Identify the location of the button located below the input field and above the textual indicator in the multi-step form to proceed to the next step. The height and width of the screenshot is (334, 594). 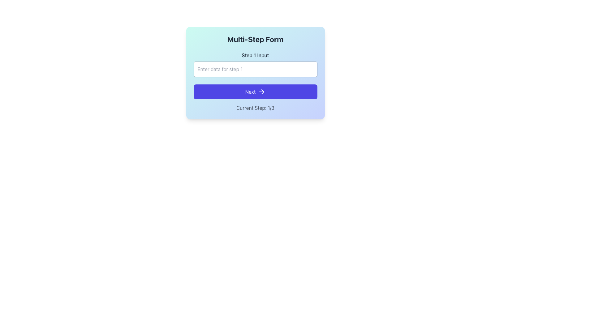
(255, 92).